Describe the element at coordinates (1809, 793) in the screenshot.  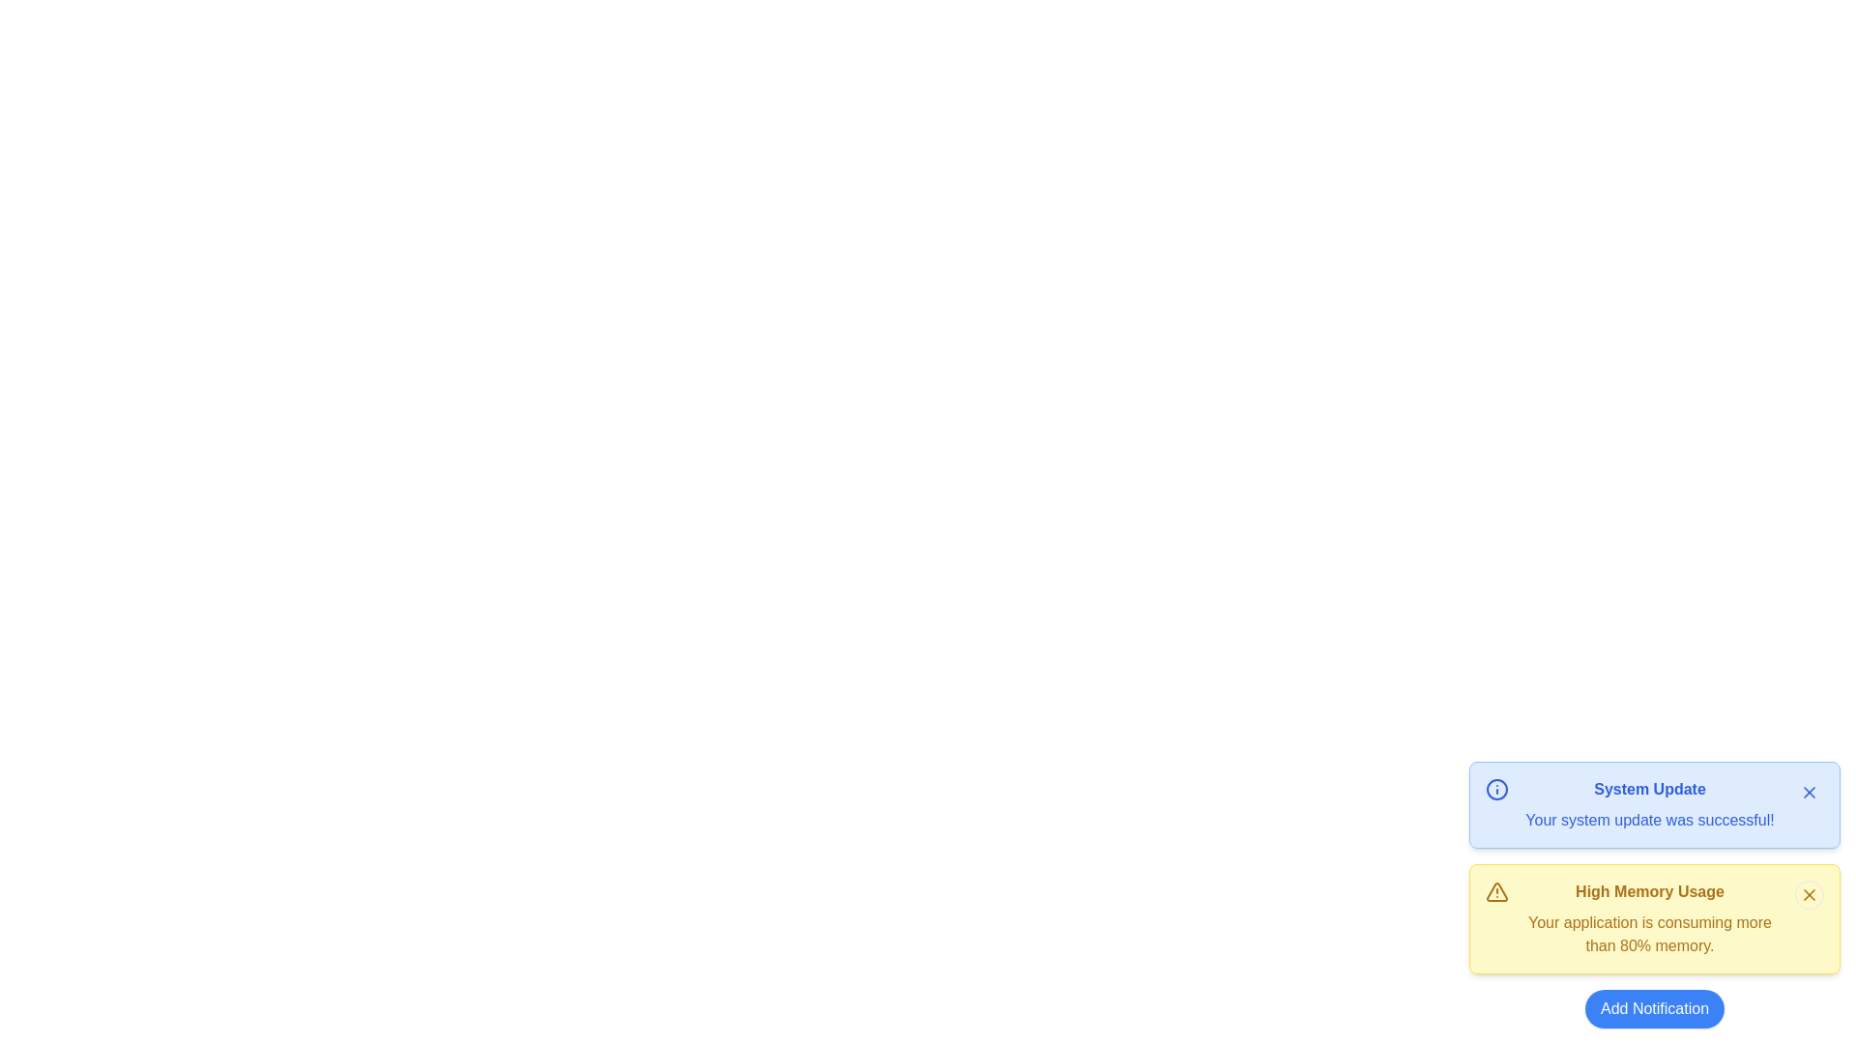
I see `the close icon represented by a diagonal cross located in the top-right corner of the blue notification box labeled 'System Update'` at that location.